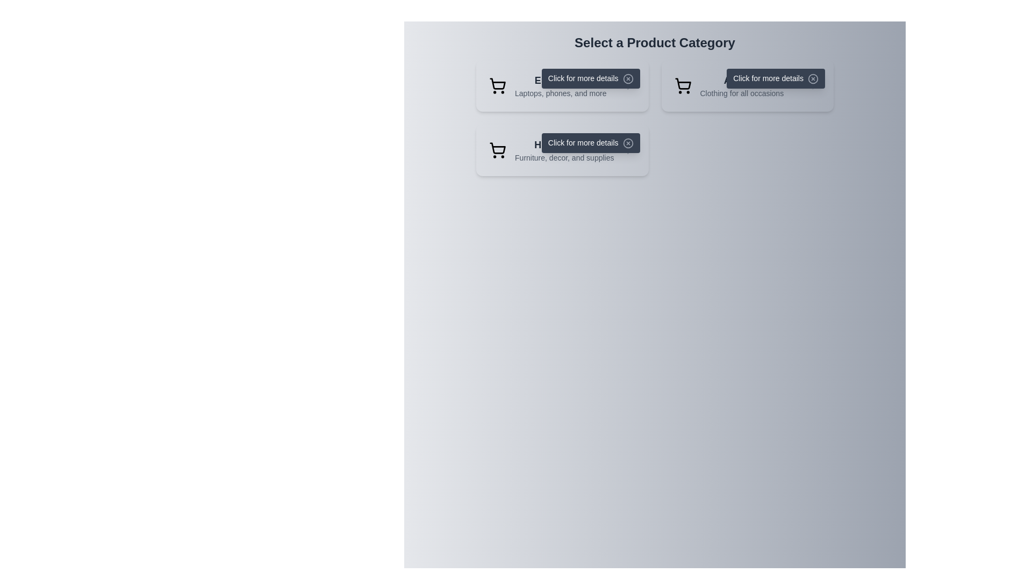 The image size is (1032, 580). I want to click on the chevron-shaped SVG icon located in the top-right corner of the category card, so click(814, 85).